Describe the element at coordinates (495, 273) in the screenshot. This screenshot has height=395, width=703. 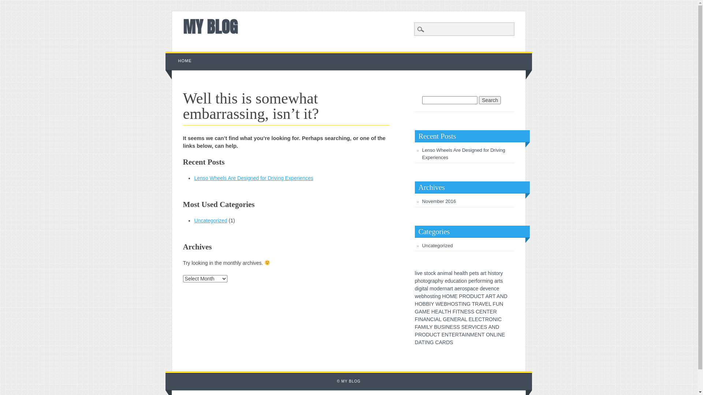
I see `'t'` at that location.